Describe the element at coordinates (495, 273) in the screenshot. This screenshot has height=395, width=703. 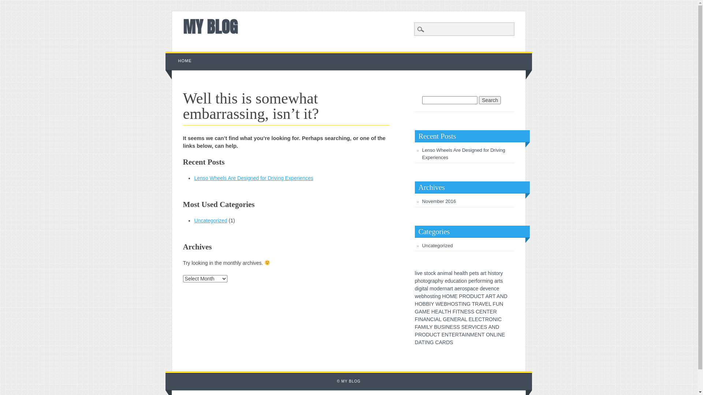
I see `'t'` at that location.